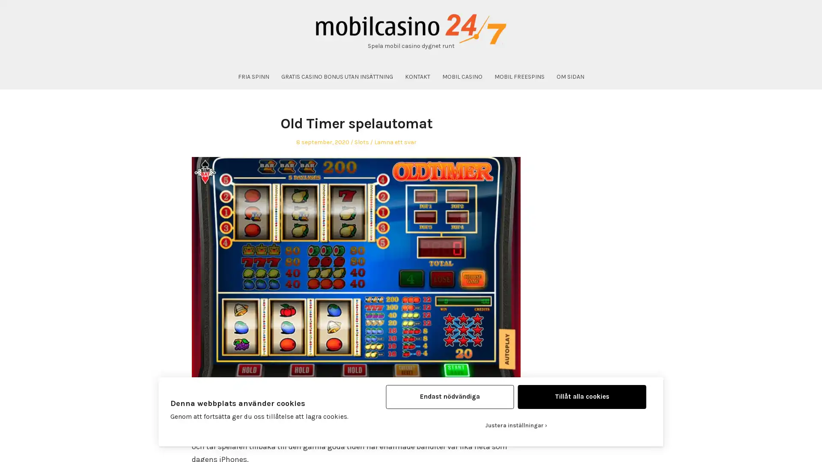  Describe the element at coordinates (581, 396) in the screenshot. I see `Tillat alla cookies` at that location.